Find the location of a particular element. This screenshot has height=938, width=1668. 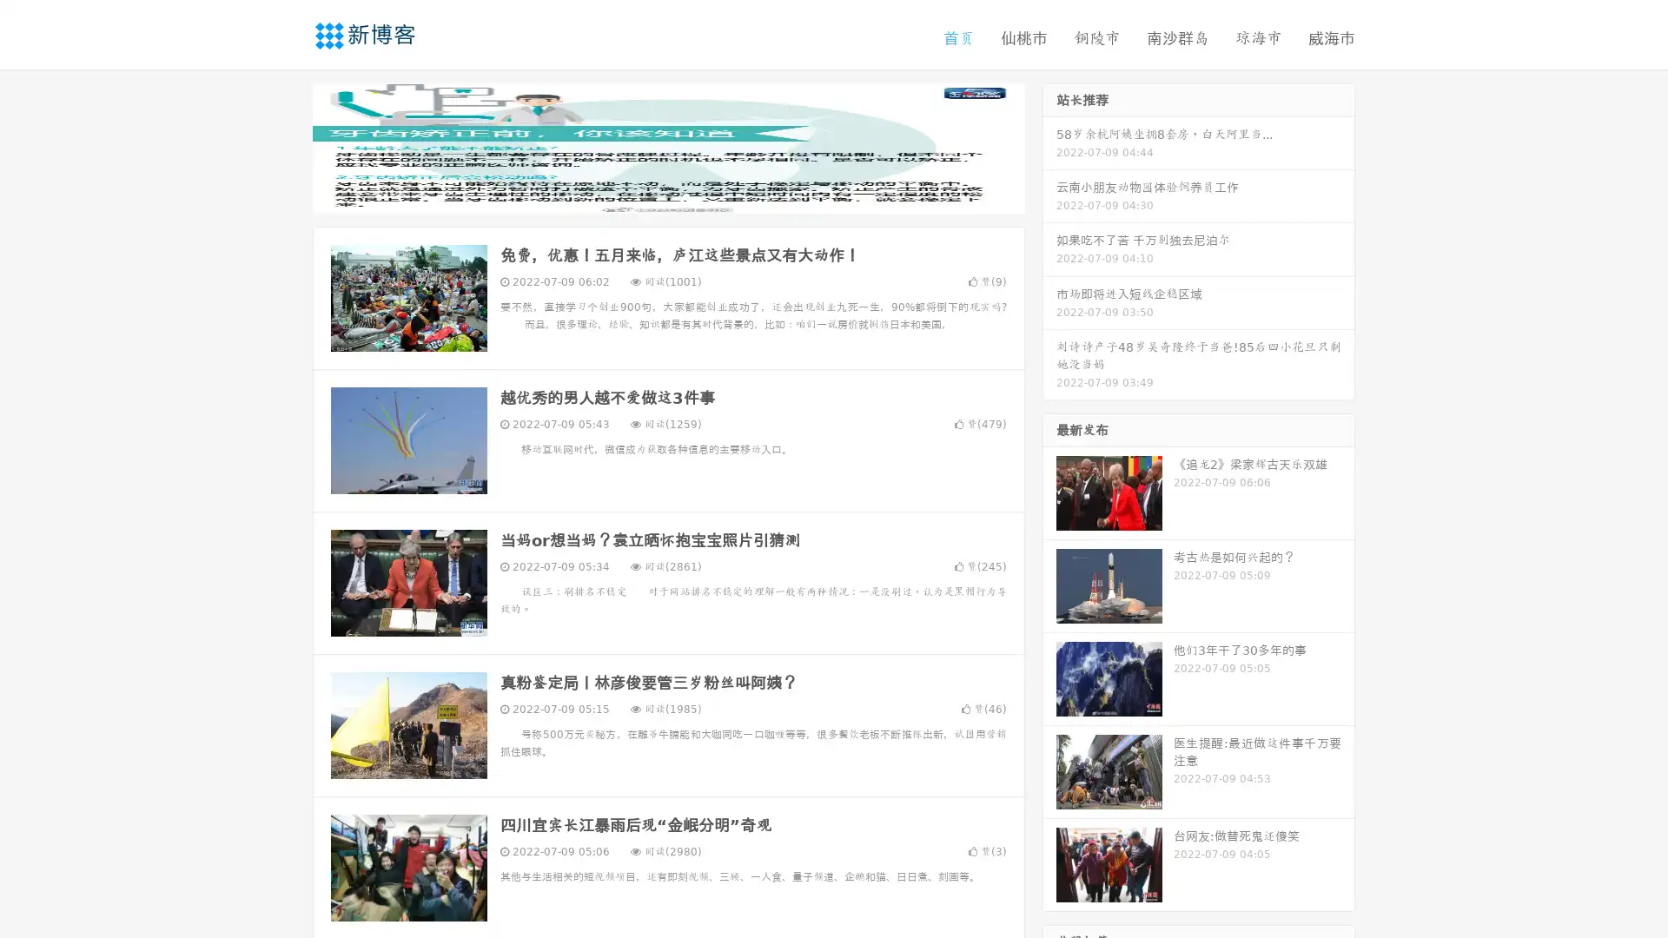

Go to slide 2 is located at coordinates (667, 195).